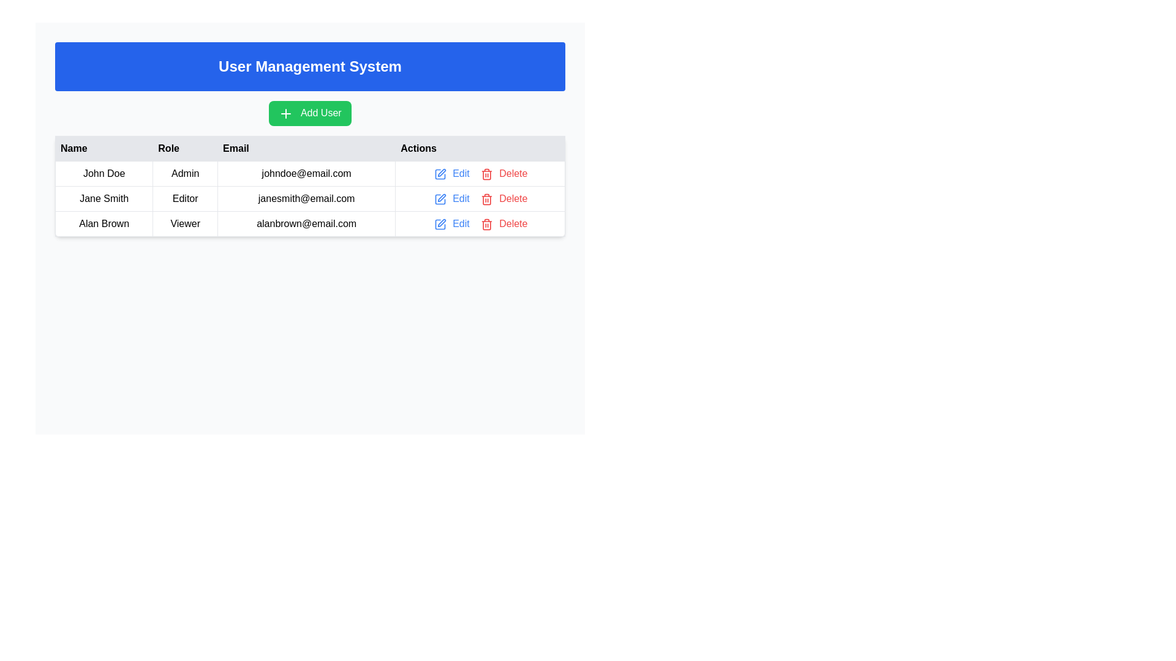 The height and width of the screenshot is (661, 1176). I want to click on the button located below the 'User Management System' banner, so click(310, 113).